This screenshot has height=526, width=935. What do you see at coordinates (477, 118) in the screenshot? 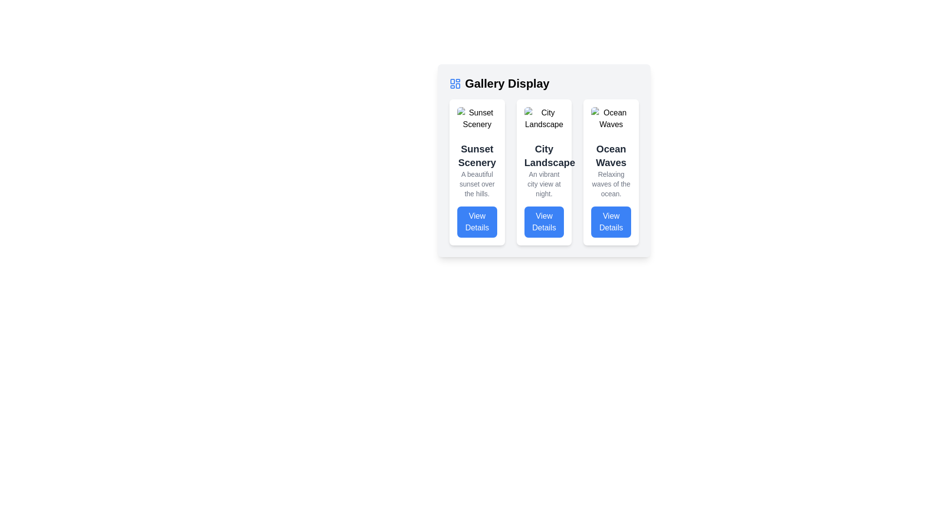
I see `the image of the sunset scenery located at the top of the leftmost card in the horizontally arranged gallery` at bounding box center [477, 118].